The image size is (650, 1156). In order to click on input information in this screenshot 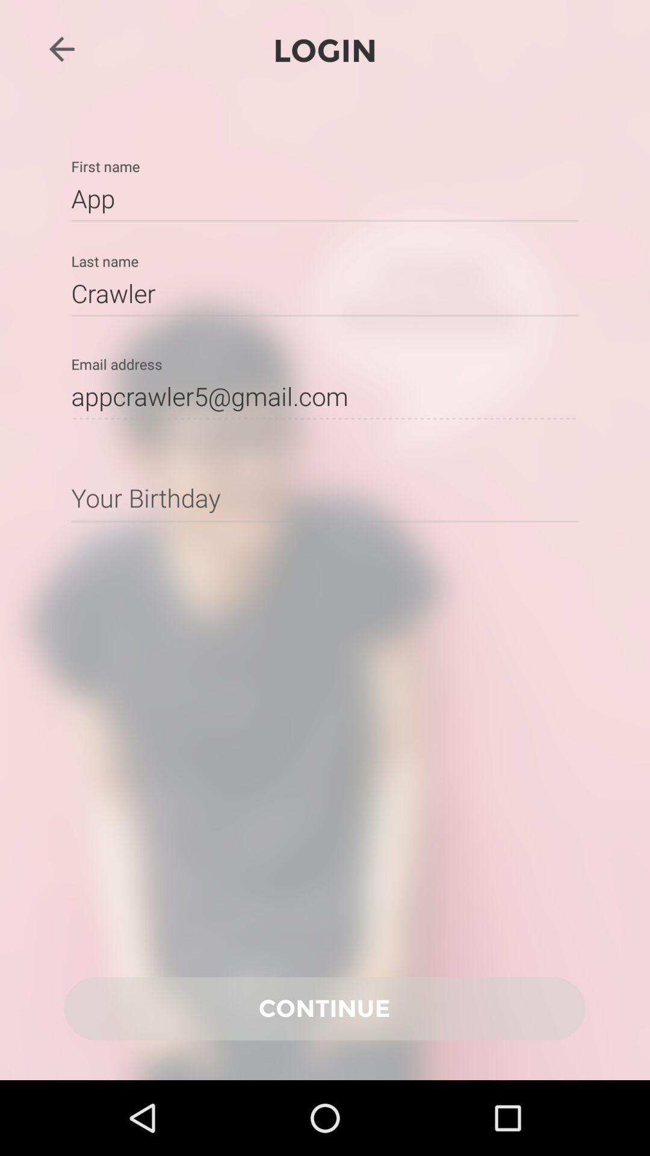, I will do `click(325, 497)`.